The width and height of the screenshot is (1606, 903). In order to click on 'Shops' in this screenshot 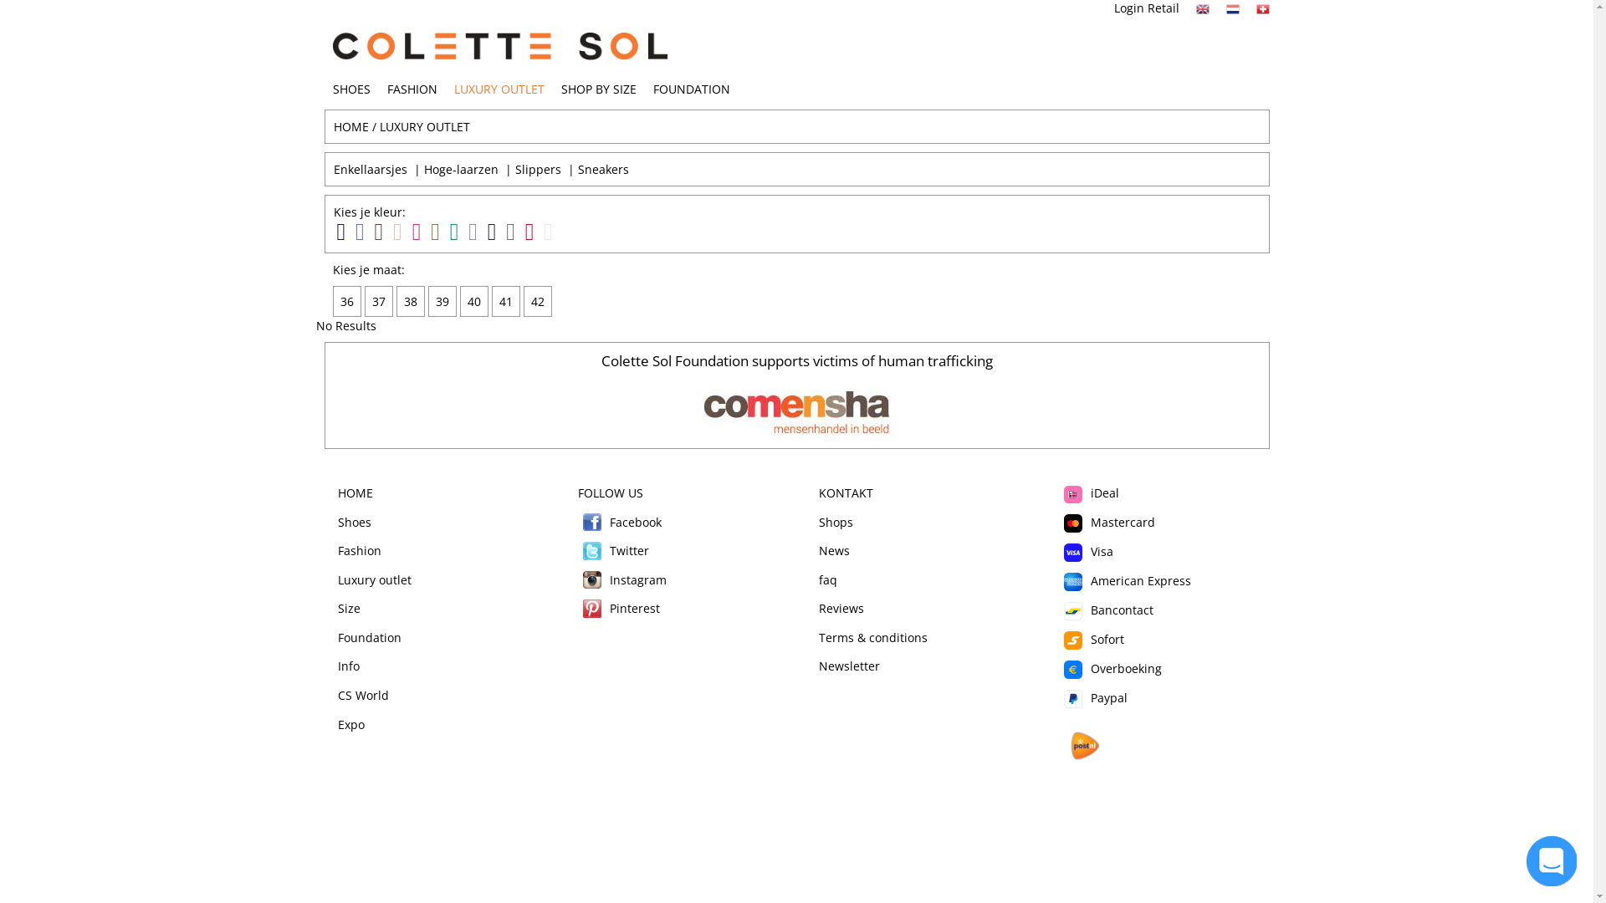, I will do `click(835, 521)`.